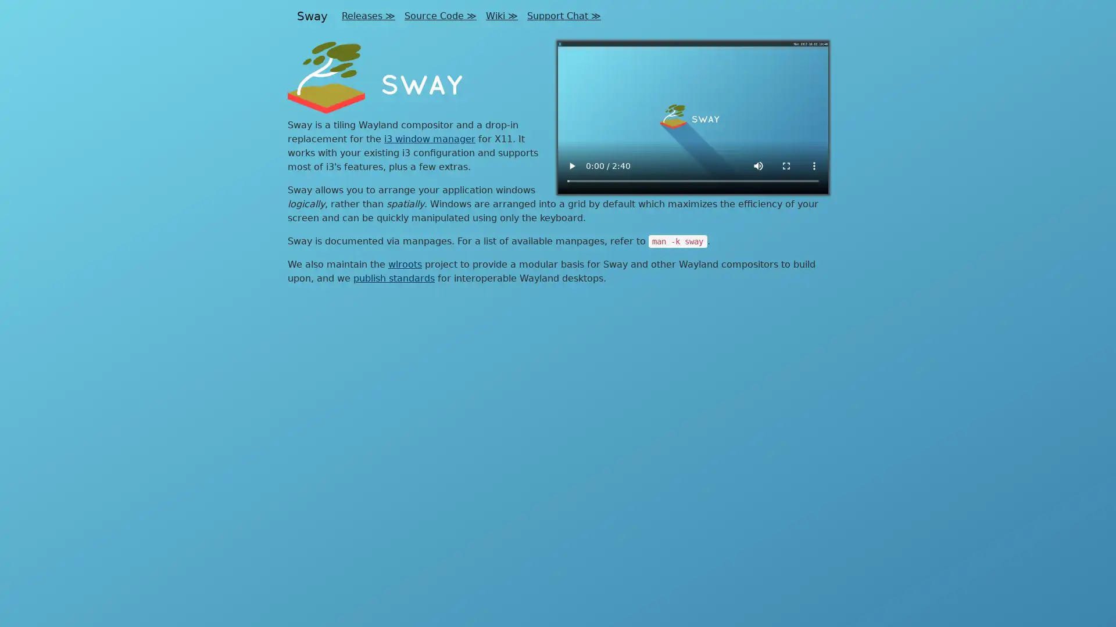  I want to click on play, so click(571, 165).